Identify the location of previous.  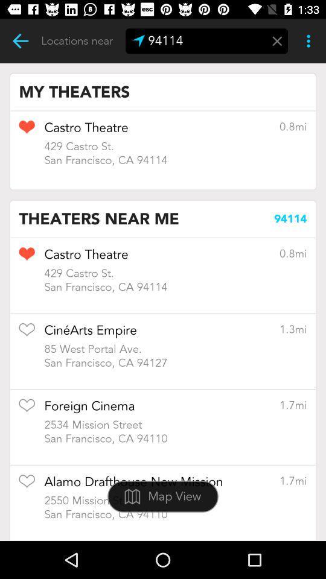
(20, 41).